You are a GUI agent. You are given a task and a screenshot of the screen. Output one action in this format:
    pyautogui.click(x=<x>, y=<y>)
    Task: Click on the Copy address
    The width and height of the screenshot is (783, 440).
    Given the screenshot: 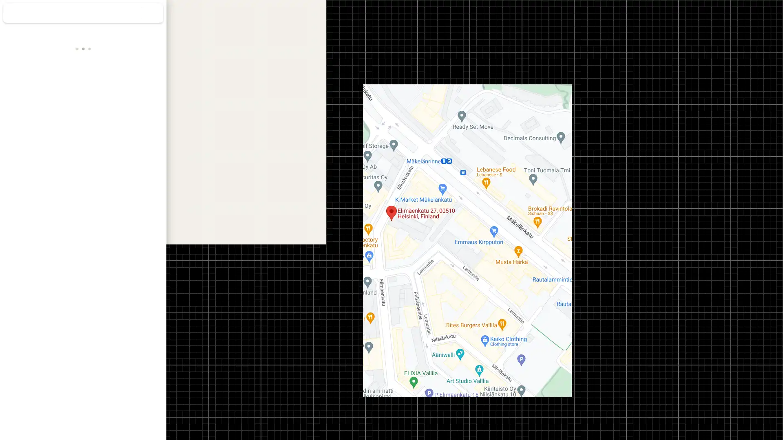 What is the action you would take?
    pyautogui.click(x=151, y=178)
    